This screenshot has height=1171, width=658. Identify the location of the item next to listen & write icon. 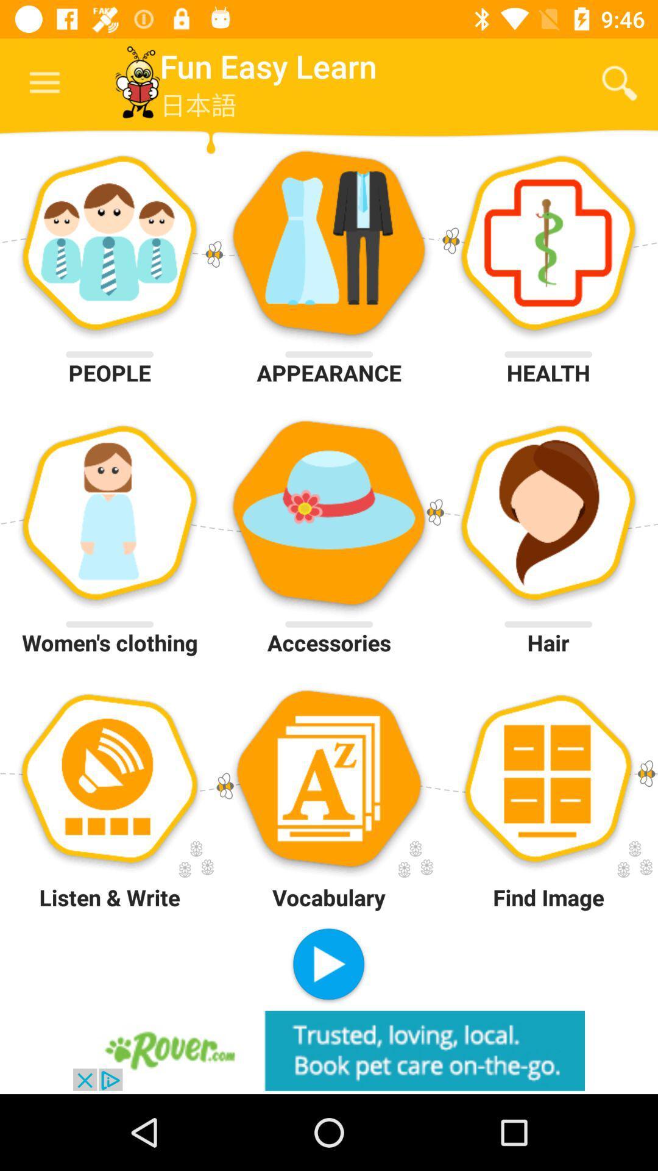
(328, 965).